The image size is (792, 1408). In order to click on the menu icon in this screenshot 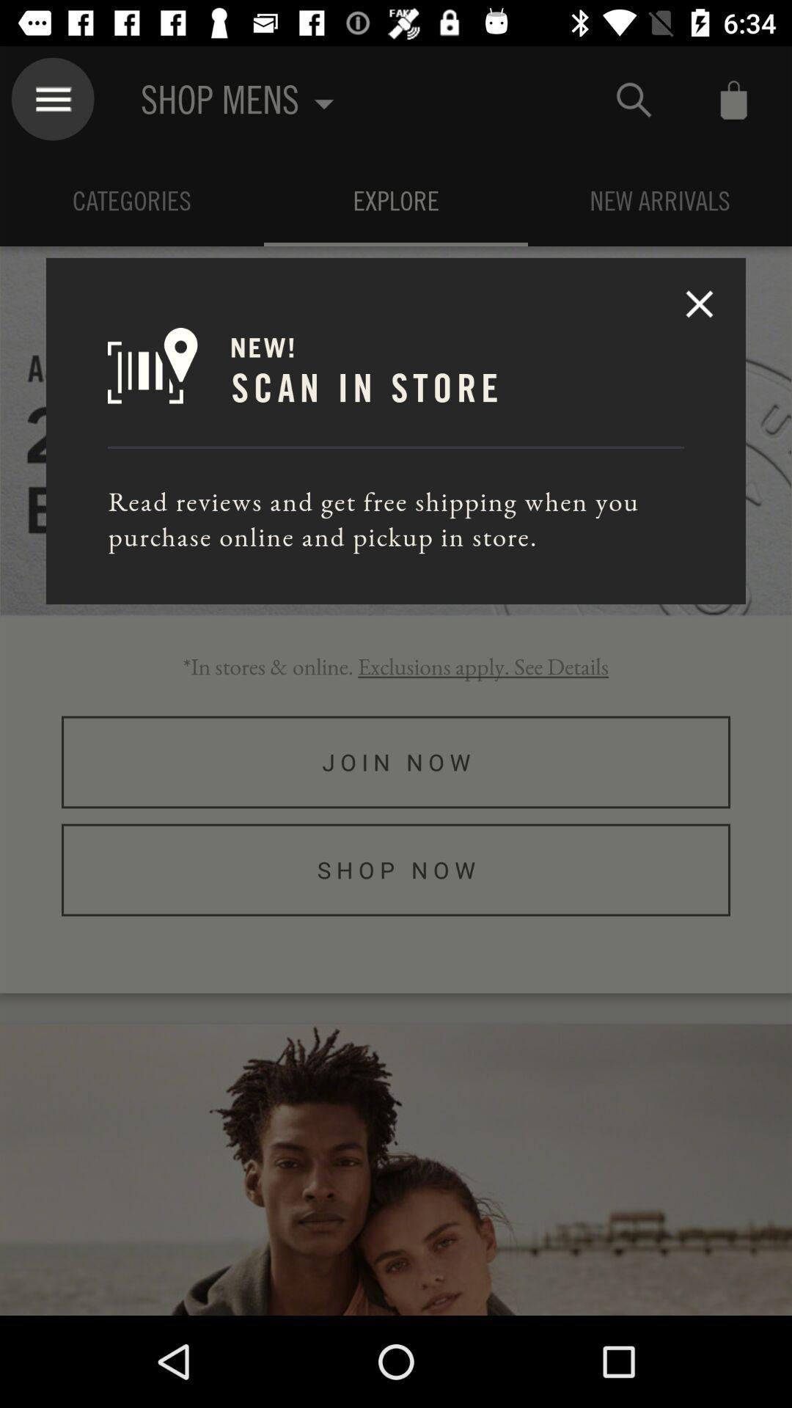, I will do `click(53, 99)`.